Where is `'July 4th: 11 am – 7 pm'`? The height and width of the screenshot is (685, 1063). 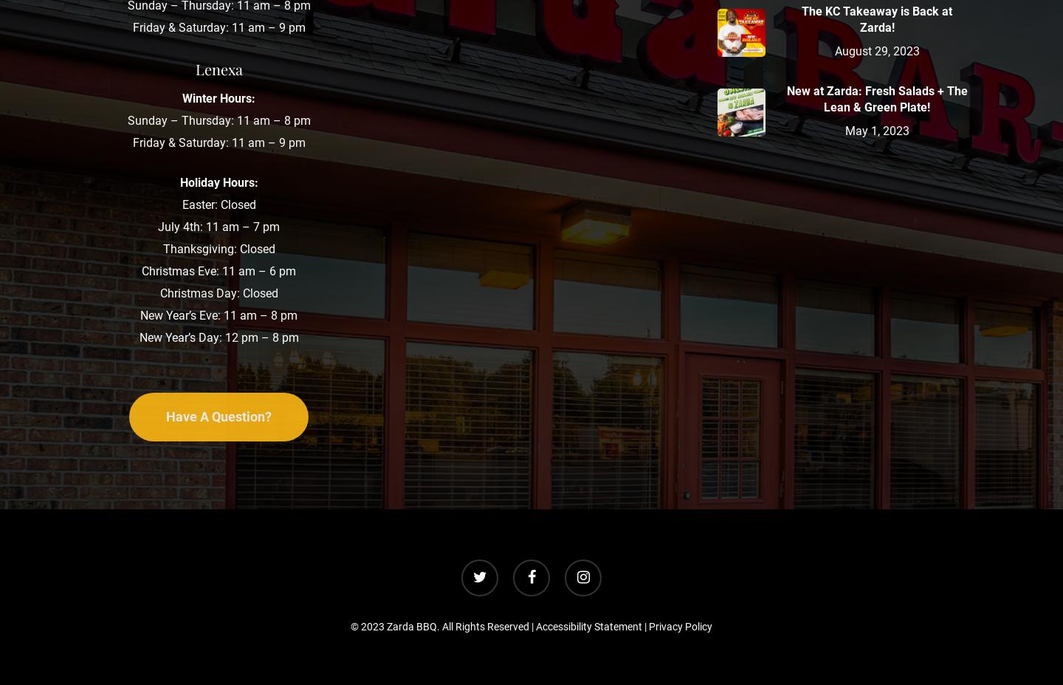 'July 4th: 11 am – 7 pm' is located at coordinates (218, 225).